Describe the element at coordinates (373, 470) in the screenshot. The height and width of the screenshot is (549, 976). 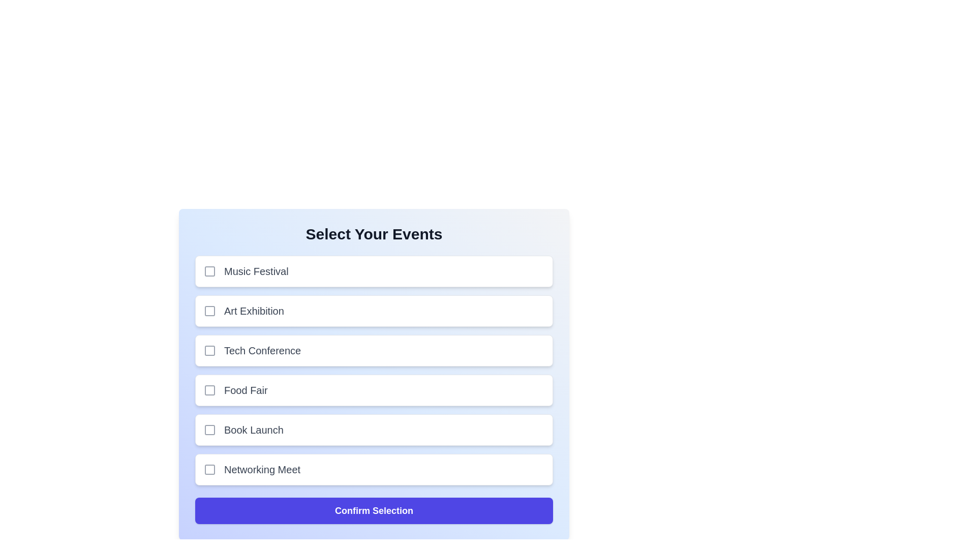
I see `the event Networking Meet to observe the hover effect` at that location.